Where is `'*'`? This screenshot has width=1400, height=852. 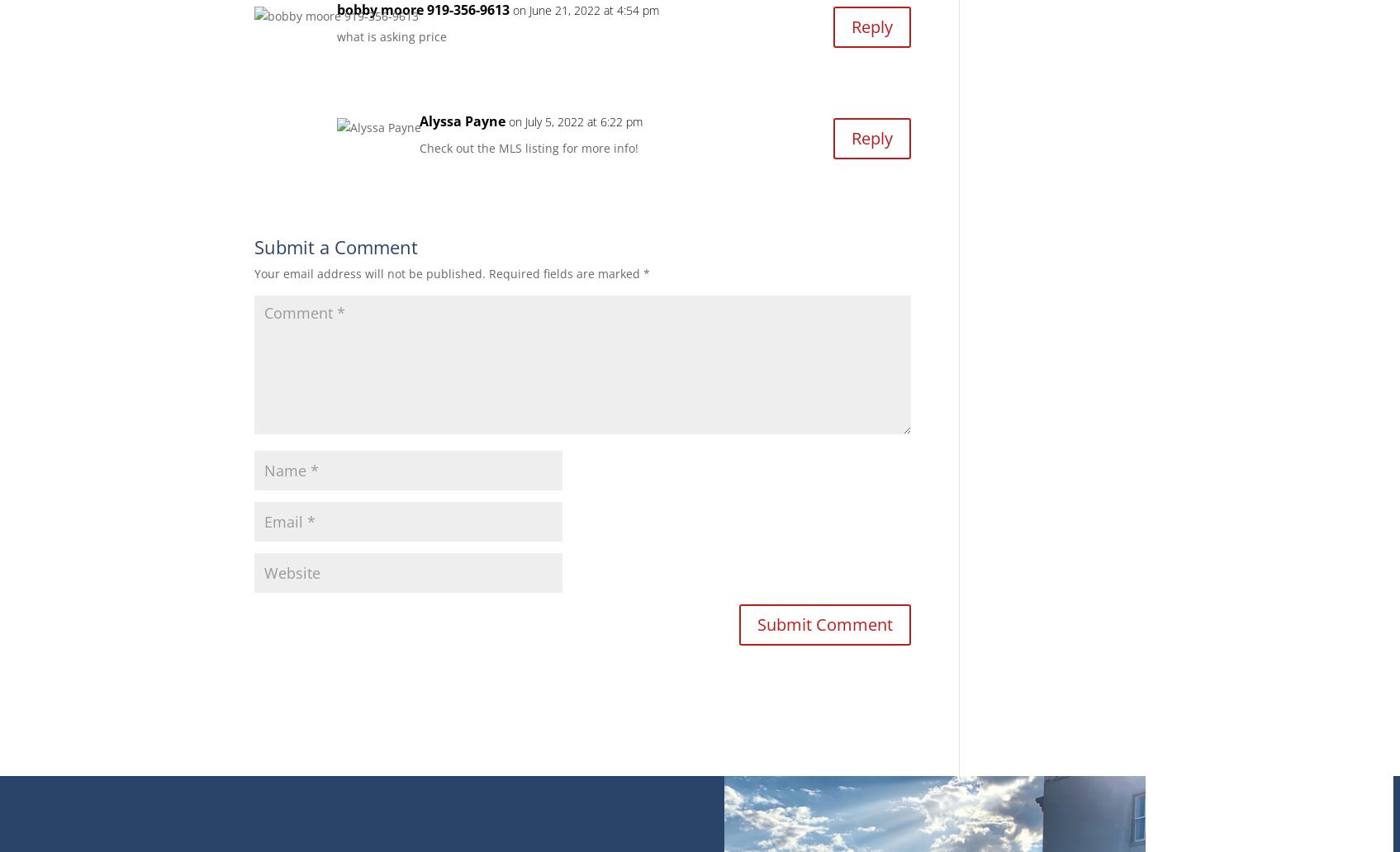
'*' is located at coordinates (642, 272).